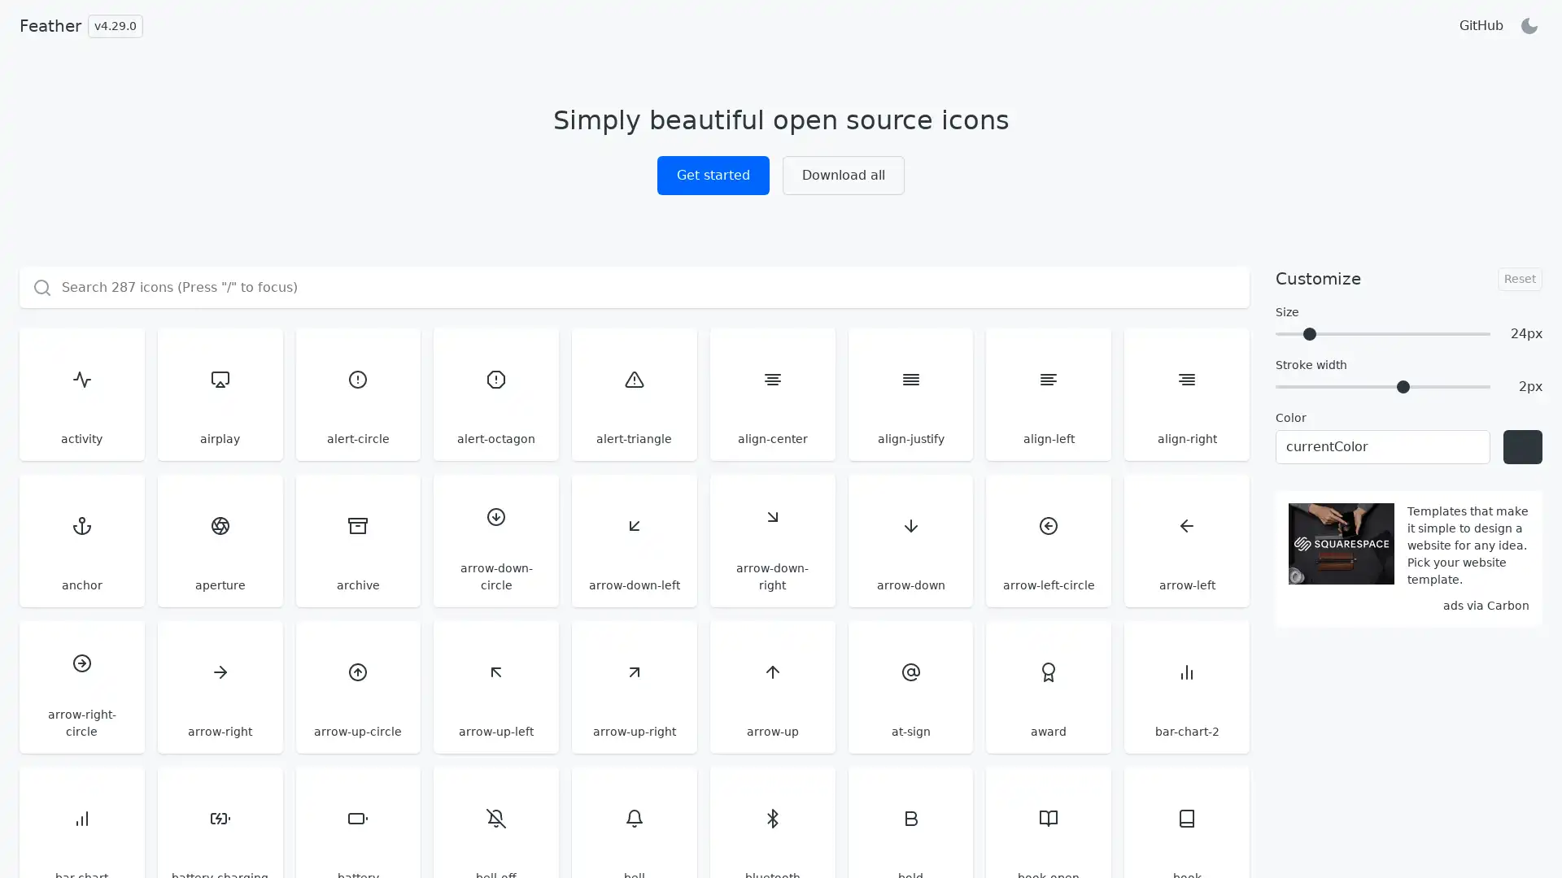 The width and height of the screenshot is (1562, 878). Describe the element at coordinates (1529, 25) in the screenshot. I see `Activate dark mode` at that location.